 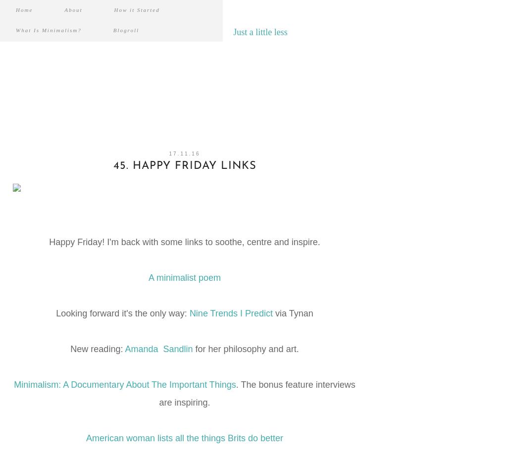 I want to click on '45. Happy Friday Links', so click(x=184, y=166).